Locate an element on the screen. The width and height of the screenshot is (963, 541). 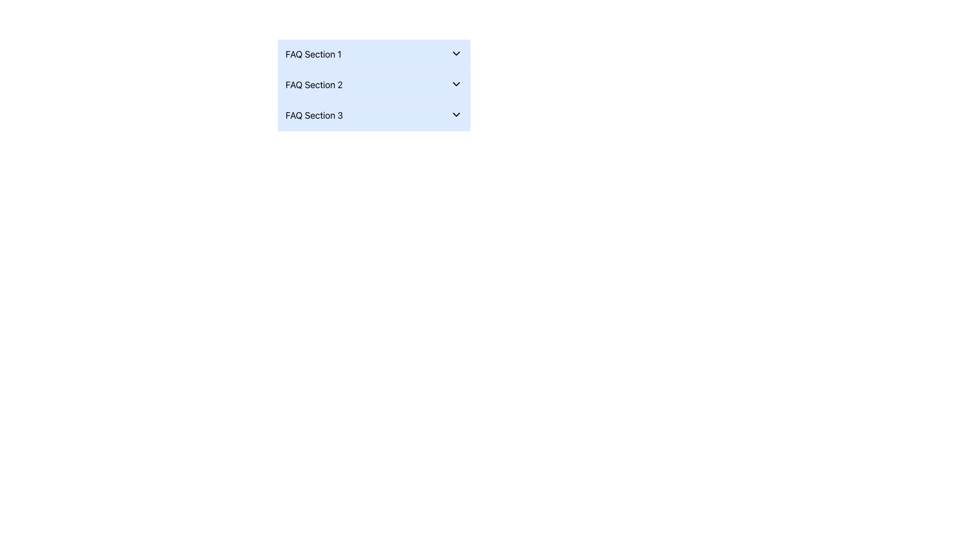
the text label that serves as a clickable trigger for the first FAQ item is located at coordinates (313, 54).